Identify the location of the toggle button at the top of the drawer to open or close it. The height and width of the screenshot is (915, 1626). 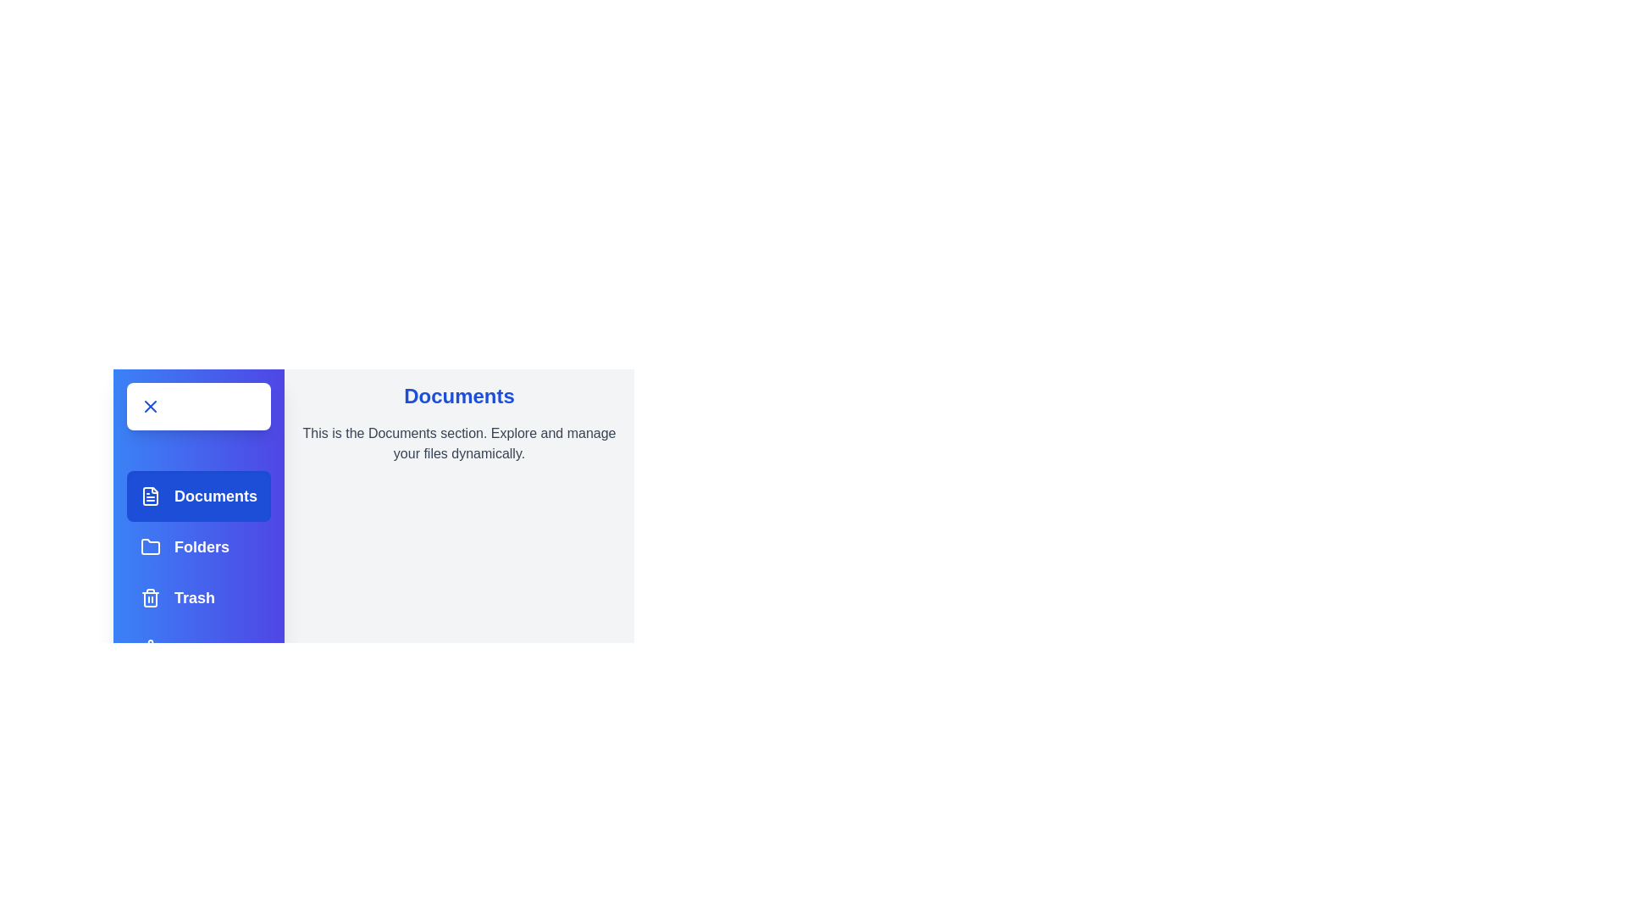
(199, 406).